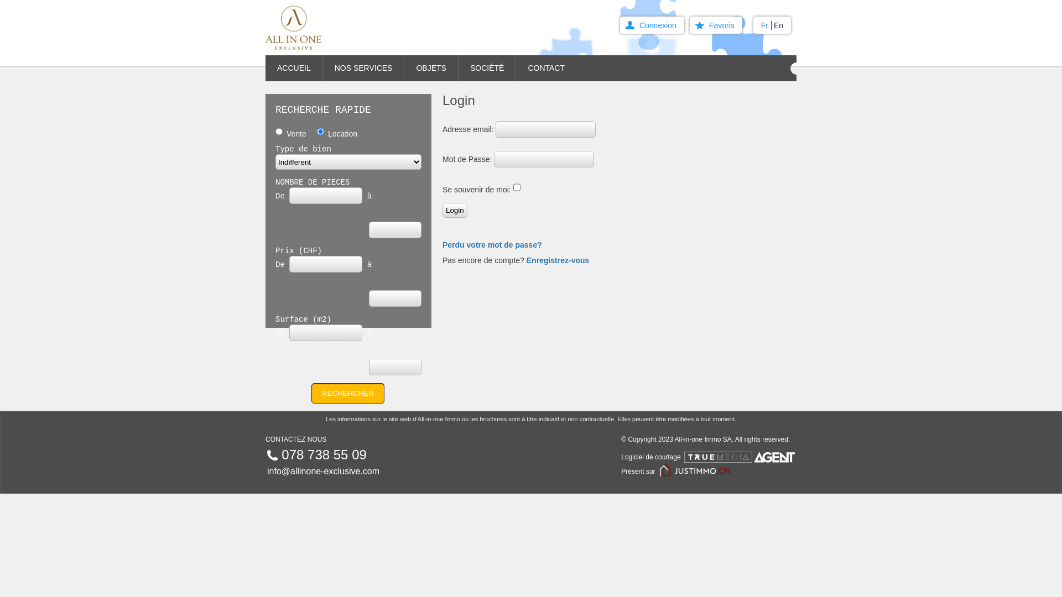  What do you see at coordinates (491, 244) in the screenshot?
I see `'Perdu votre mot de passe?'` at bounding box center [491, 244].